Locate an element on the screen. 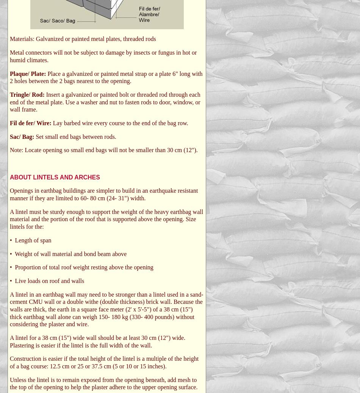 This screenshot has height=393, width=360. 'A lintel for a 38 cm (15") wide wall should be at least 30 cm (12") wide. Plastering is easier if the lintel is the full width of the wall.' is located at coordinates (97, 341).